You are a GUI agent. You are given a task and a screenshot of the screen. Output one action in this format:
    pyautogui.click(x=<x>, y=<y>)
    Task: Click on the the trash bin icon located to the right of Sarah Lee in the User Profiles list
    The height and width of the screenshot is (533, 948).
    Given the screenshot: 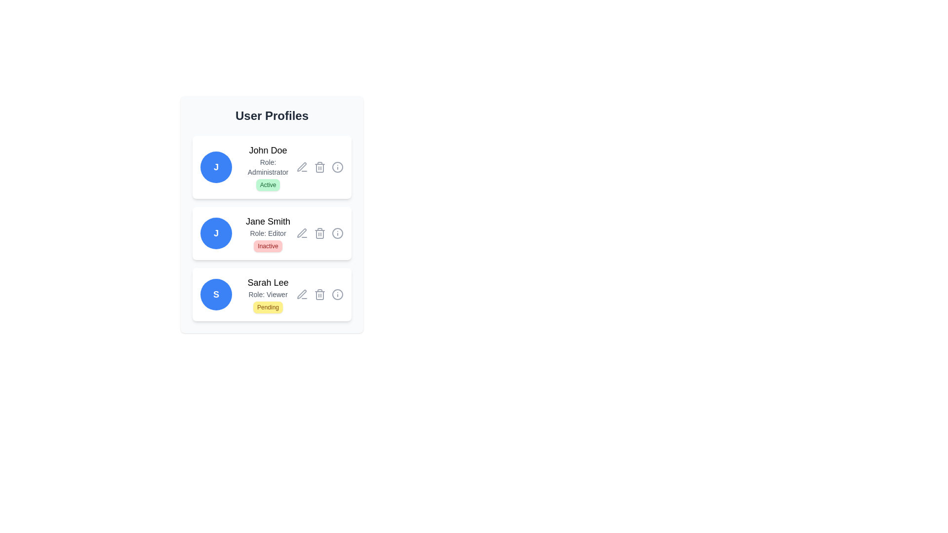 What is the action you would take?
    pyautogui.click(x=320, y=294)
    